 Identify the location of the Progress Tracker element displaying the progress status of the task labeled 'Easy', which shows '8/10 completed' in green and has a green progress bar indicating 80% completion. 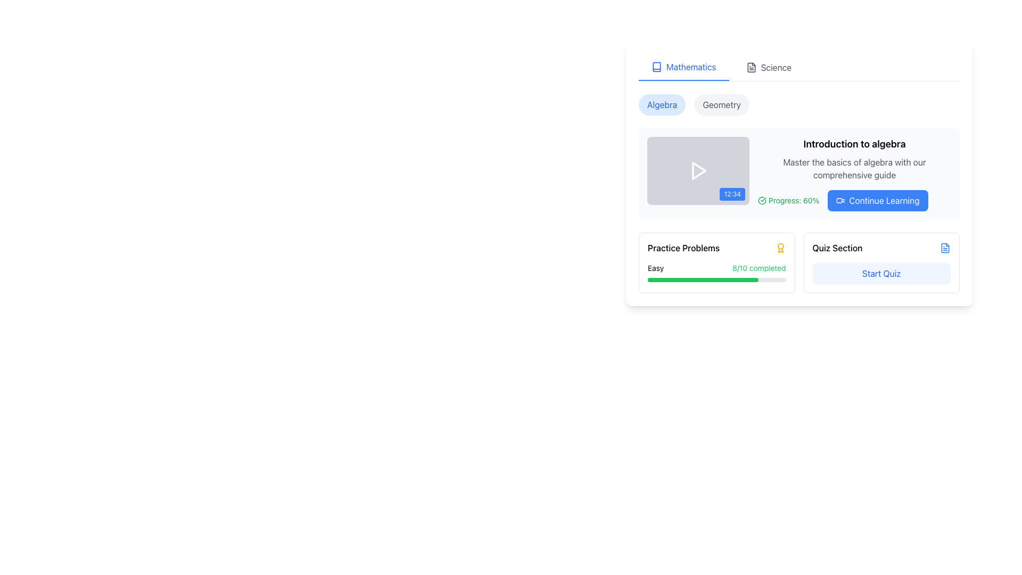
(716, 272).